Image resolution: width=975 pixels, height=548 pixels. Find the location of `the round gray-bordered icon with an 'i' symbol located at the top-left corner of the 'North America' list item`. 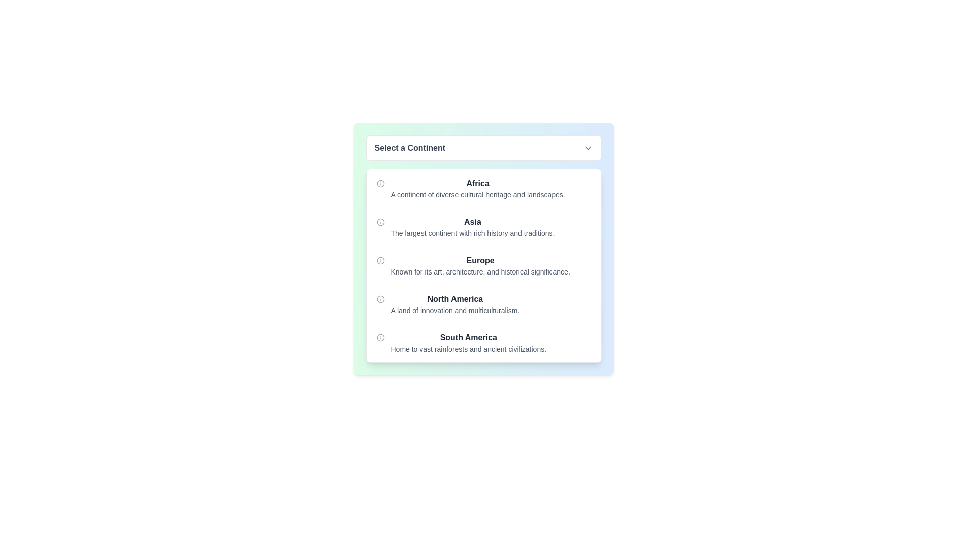

the round gray-bordered icon with an 'i' symbol located at the top-left corner of the 'North America' list item is located at coordinates (380, 299).